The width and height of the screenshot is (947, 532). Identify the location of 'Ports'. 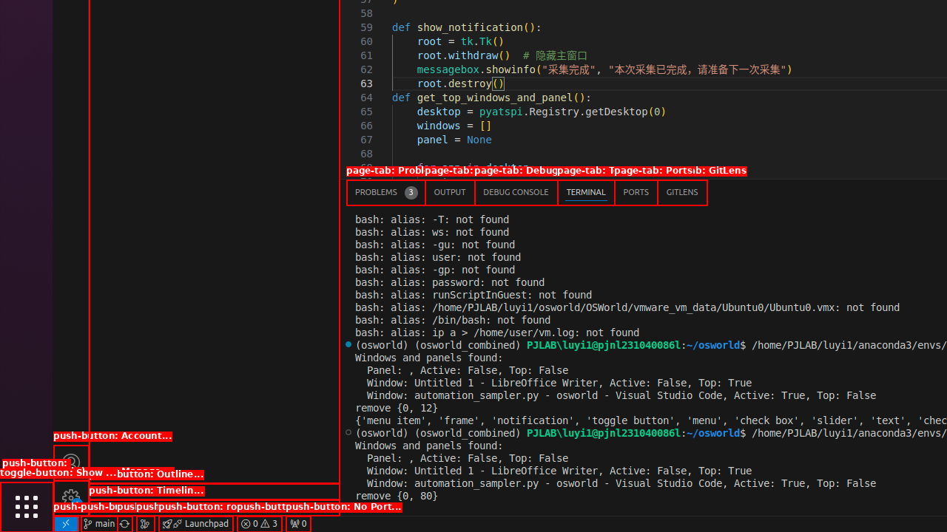
(636, 191).